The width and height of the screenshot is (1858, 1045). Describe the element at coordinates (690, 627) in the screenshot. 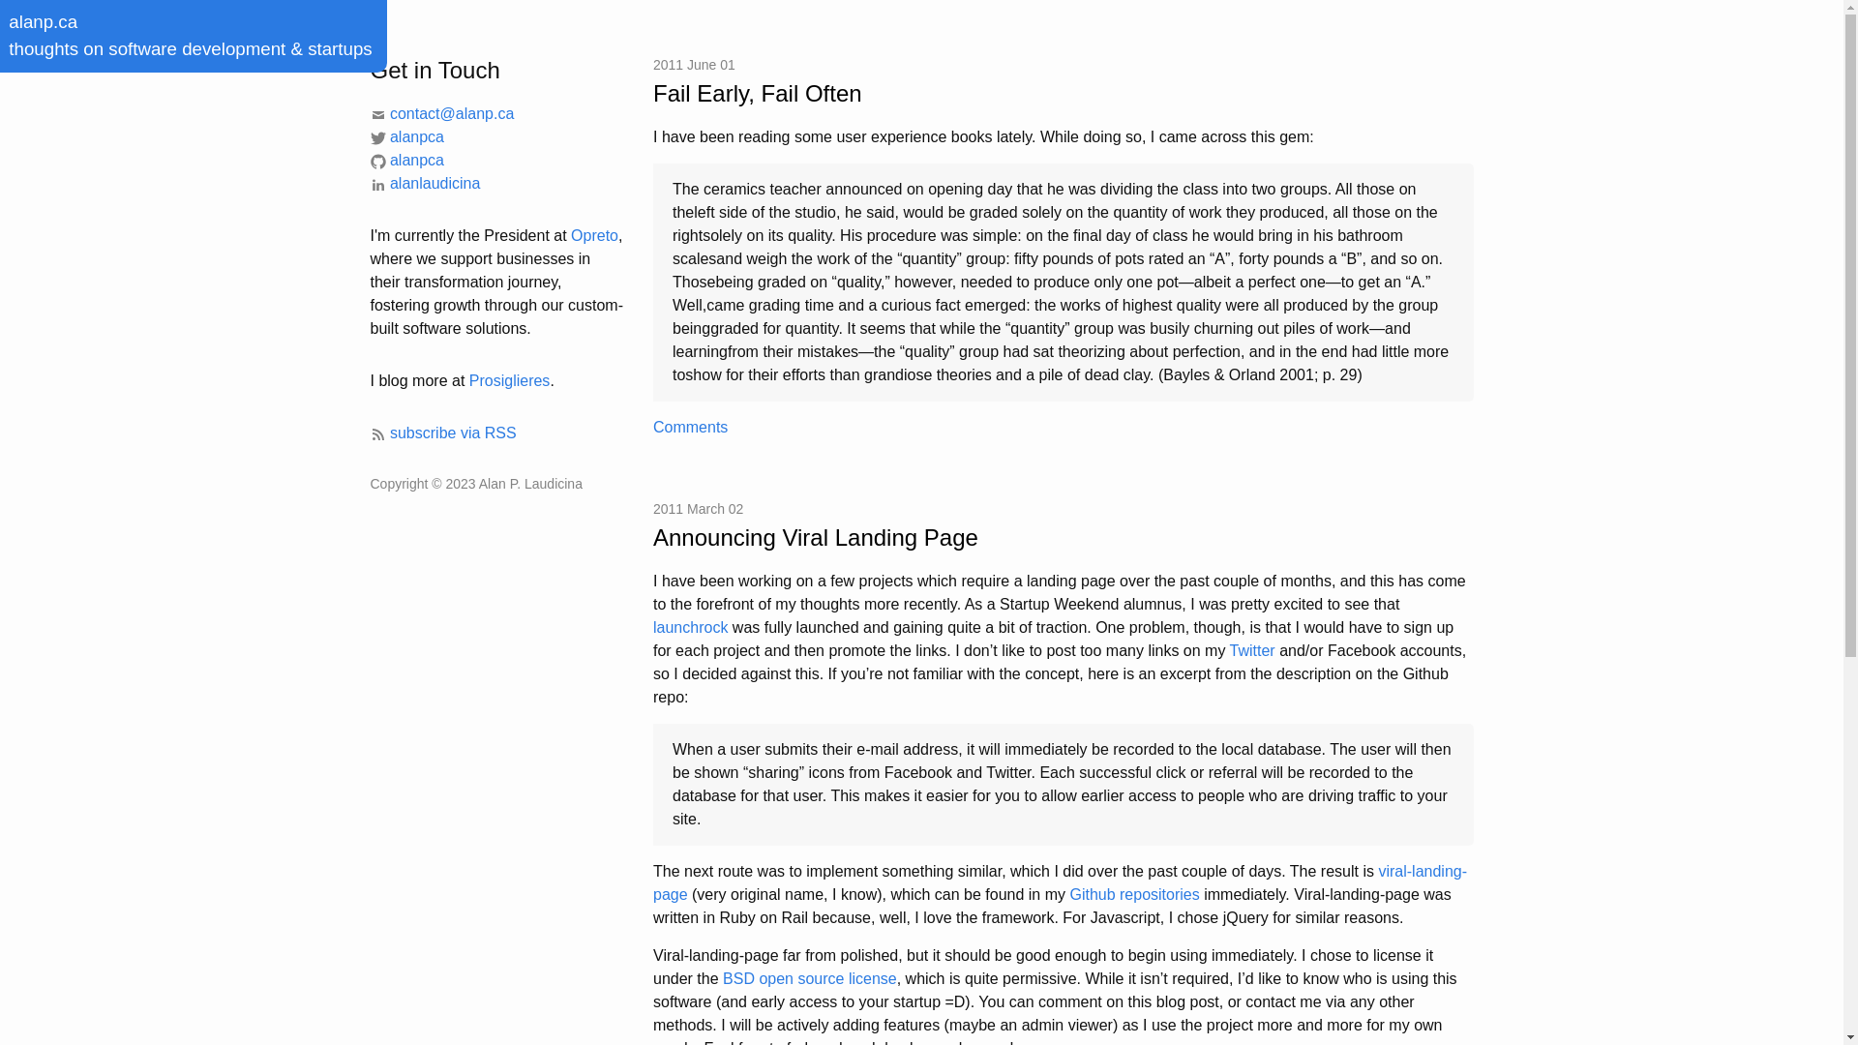

I see `'launchrock'` at that location.